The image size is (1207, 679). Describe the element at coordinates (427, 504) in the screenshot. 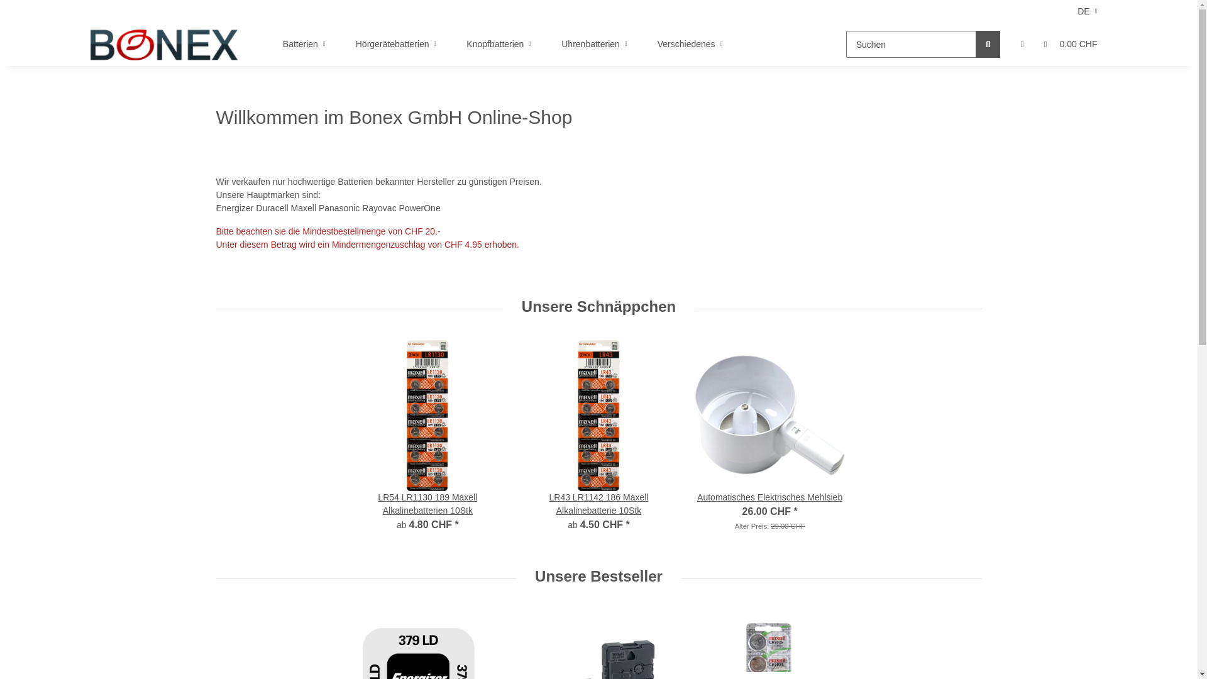

I see `'LR54 LR1130 189 Maxell Alkalinebatterien 10Stk'` at that location.